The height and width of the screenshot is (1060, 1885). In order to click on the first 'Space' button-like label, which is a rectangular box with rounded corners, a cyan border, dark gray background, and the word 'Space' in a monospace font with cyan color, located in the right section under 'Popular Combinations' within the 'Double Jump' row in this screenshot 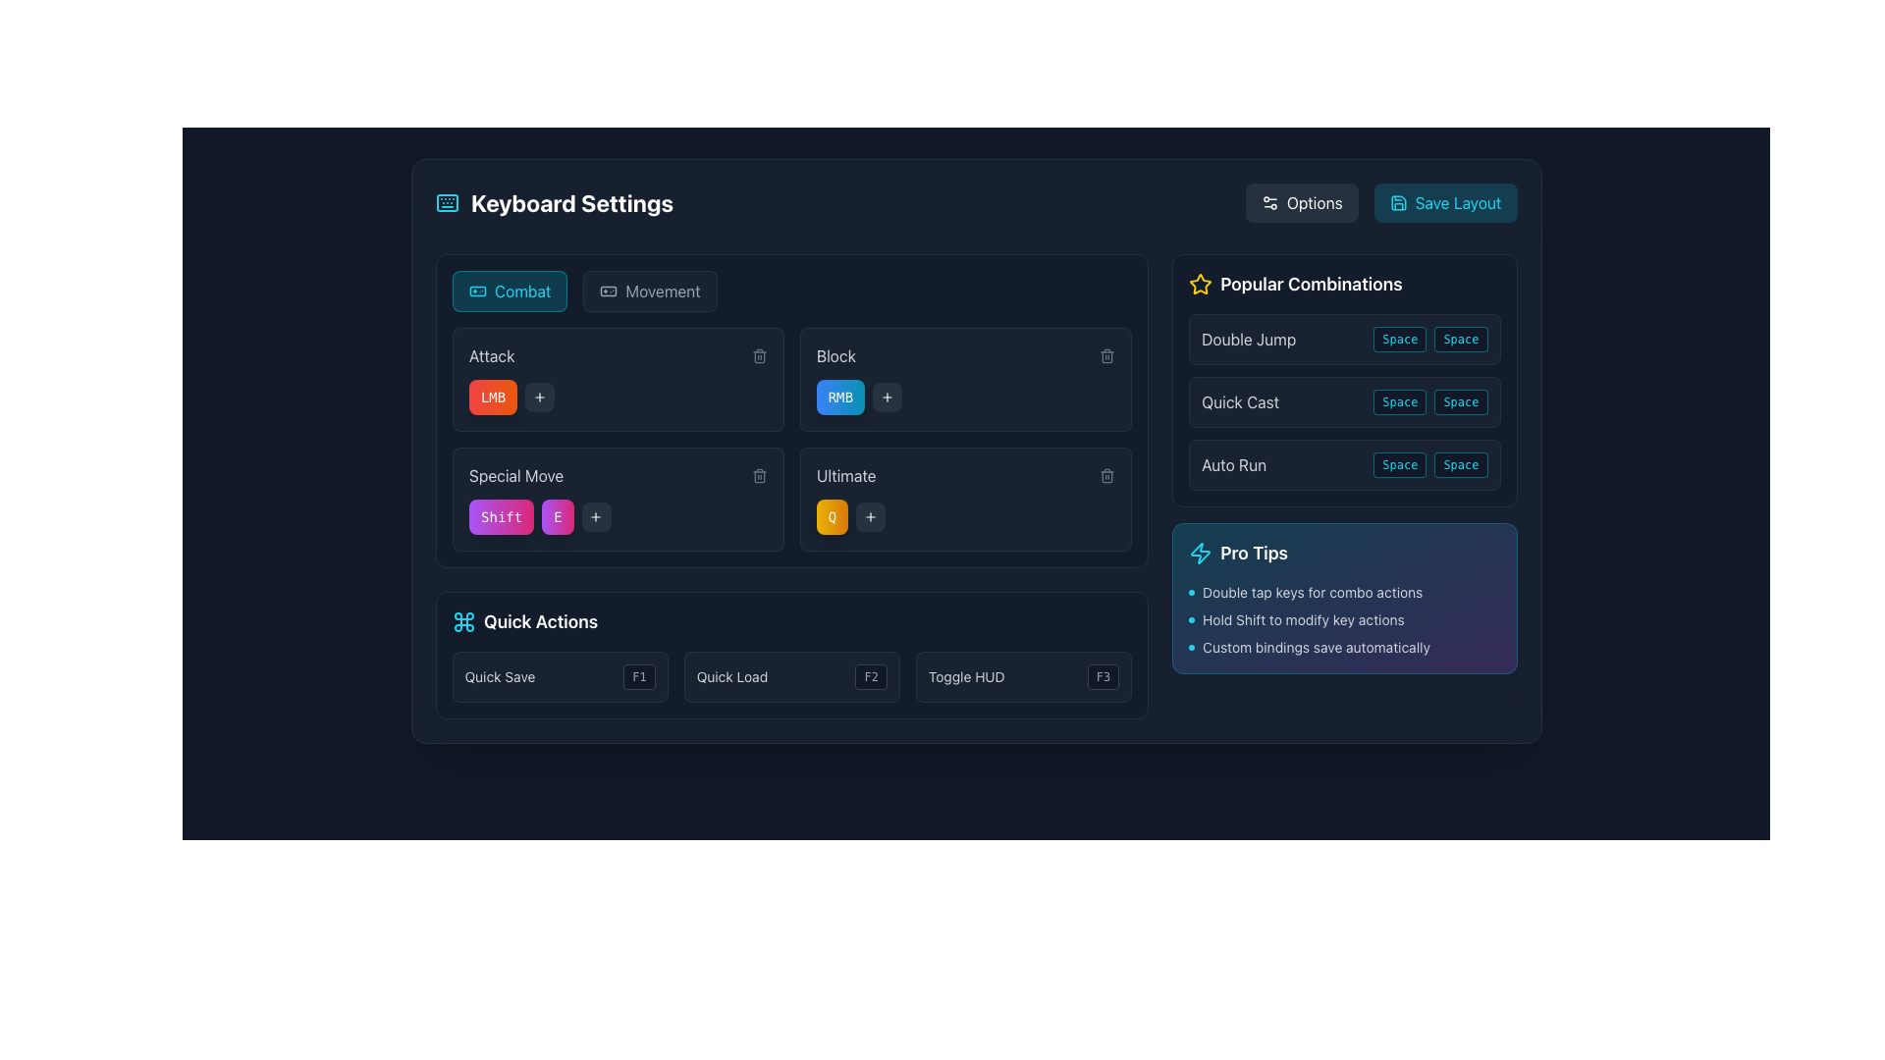, I will do `click(1399, 339)`.